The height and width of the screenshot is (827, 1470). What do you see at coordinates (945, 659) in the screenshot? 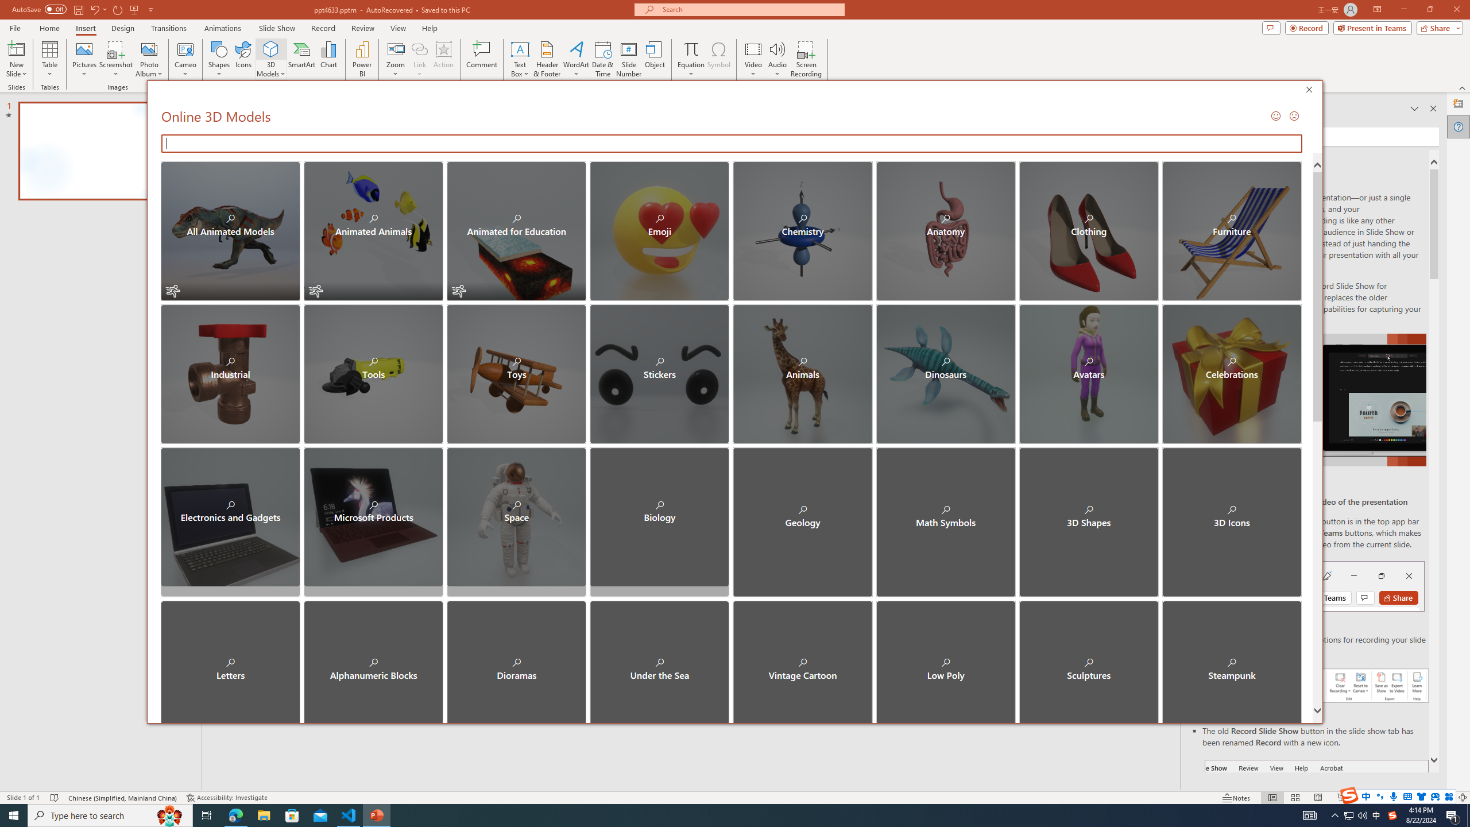
I see `'Low Poly'` at bounding box center [945, 659].